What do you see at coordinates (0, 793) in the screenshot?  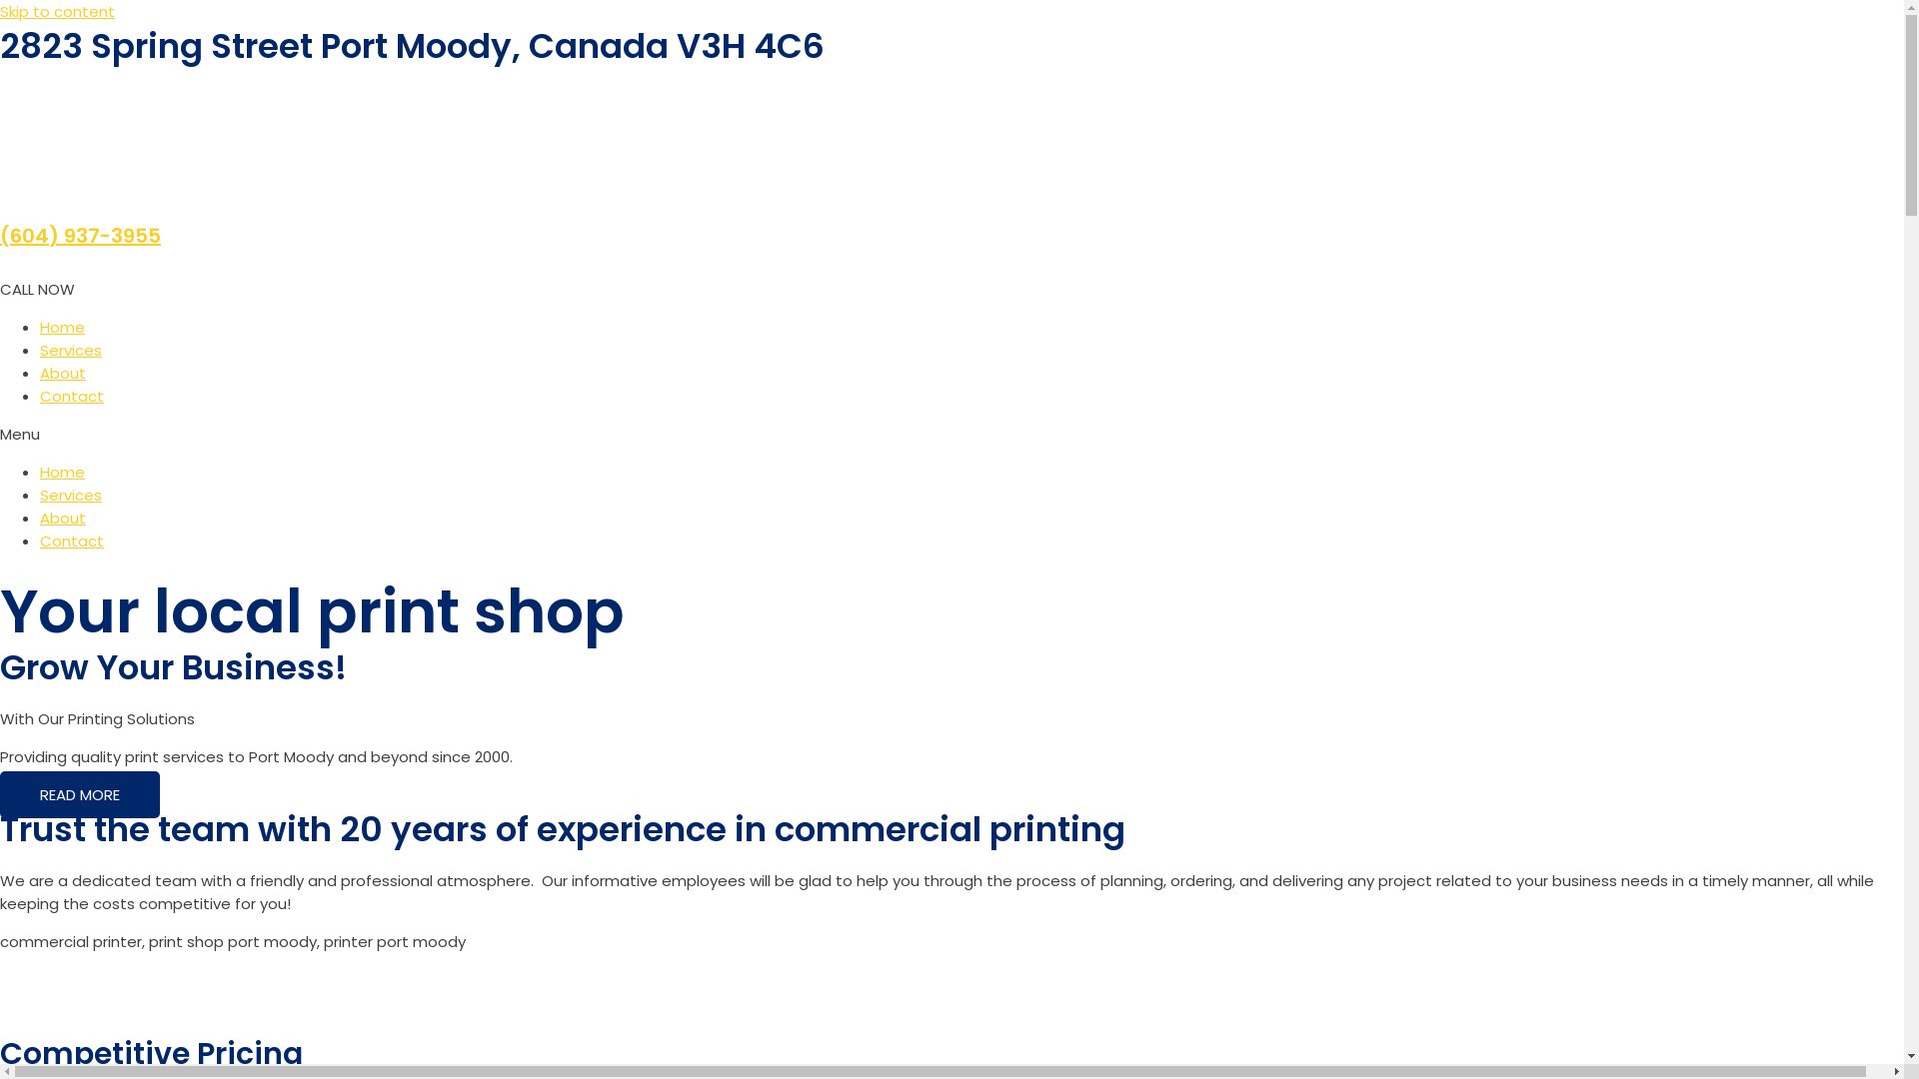 I see `'READ MORE'` at bounding box center [0, 793].